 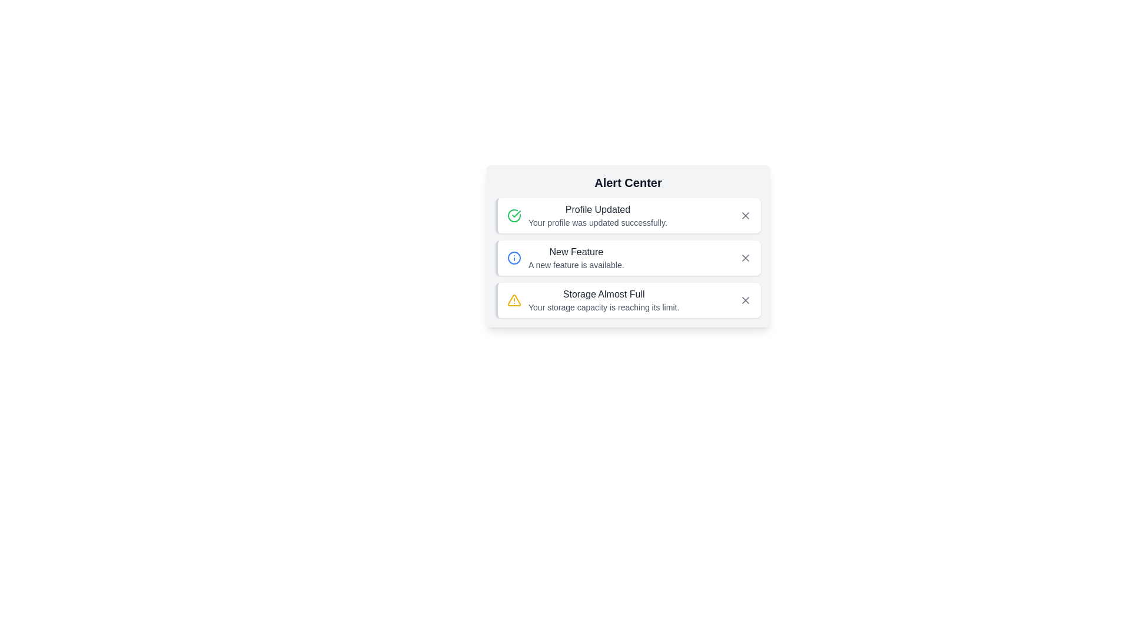 I want to click on the 'Storage Almost Full' text label in the third alert section of the notification panel, which is positioned above the supportive text and alongside the warning icon, so click(x=604, y=294).